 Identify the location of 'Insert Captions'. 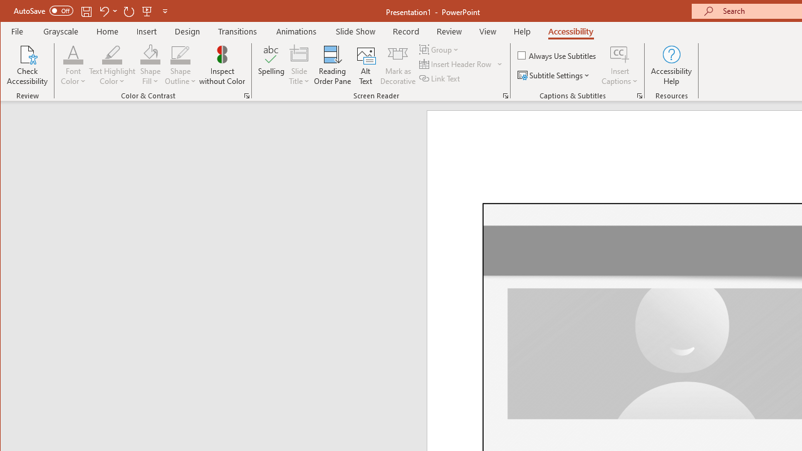
(620, 65).